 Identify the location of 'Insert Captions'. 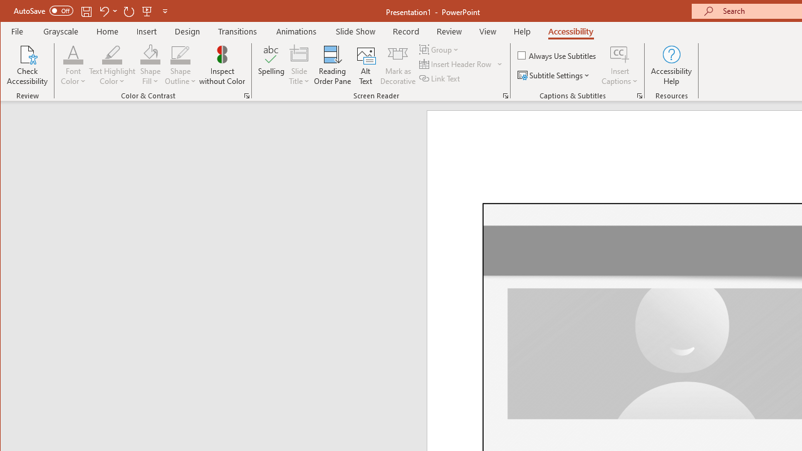
(620, 65).